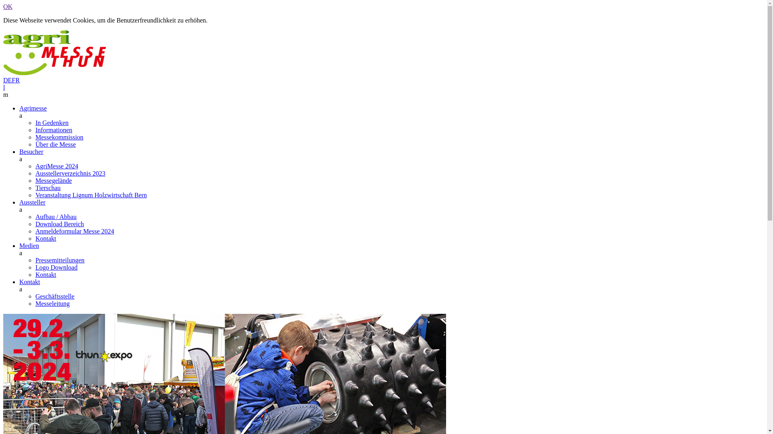  I want to click on 'Messekommission', so click(59, 137).